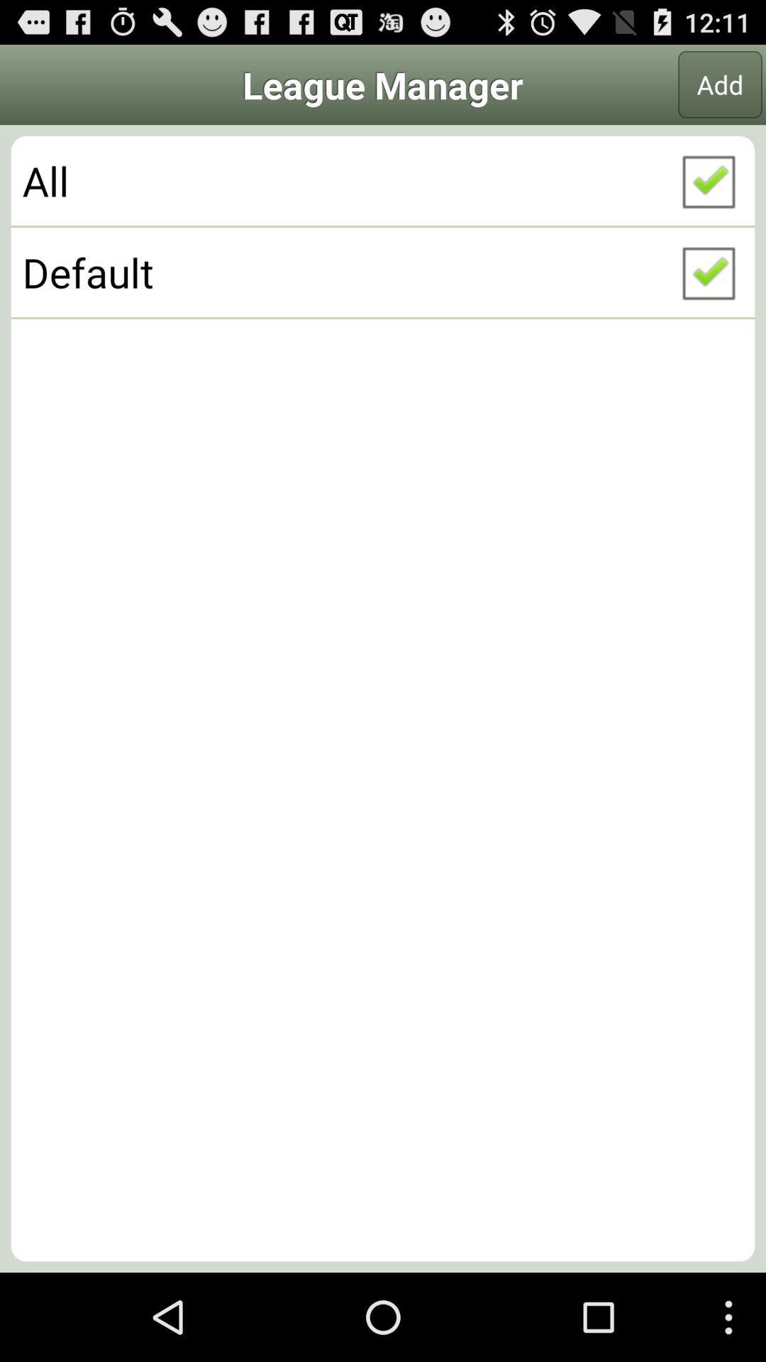 The width and height of the screenshot is (766, 1362). What do you see at coordinates (720, 84) in the screenshot?
I see `item above the all` at bounding box center [720, 84].